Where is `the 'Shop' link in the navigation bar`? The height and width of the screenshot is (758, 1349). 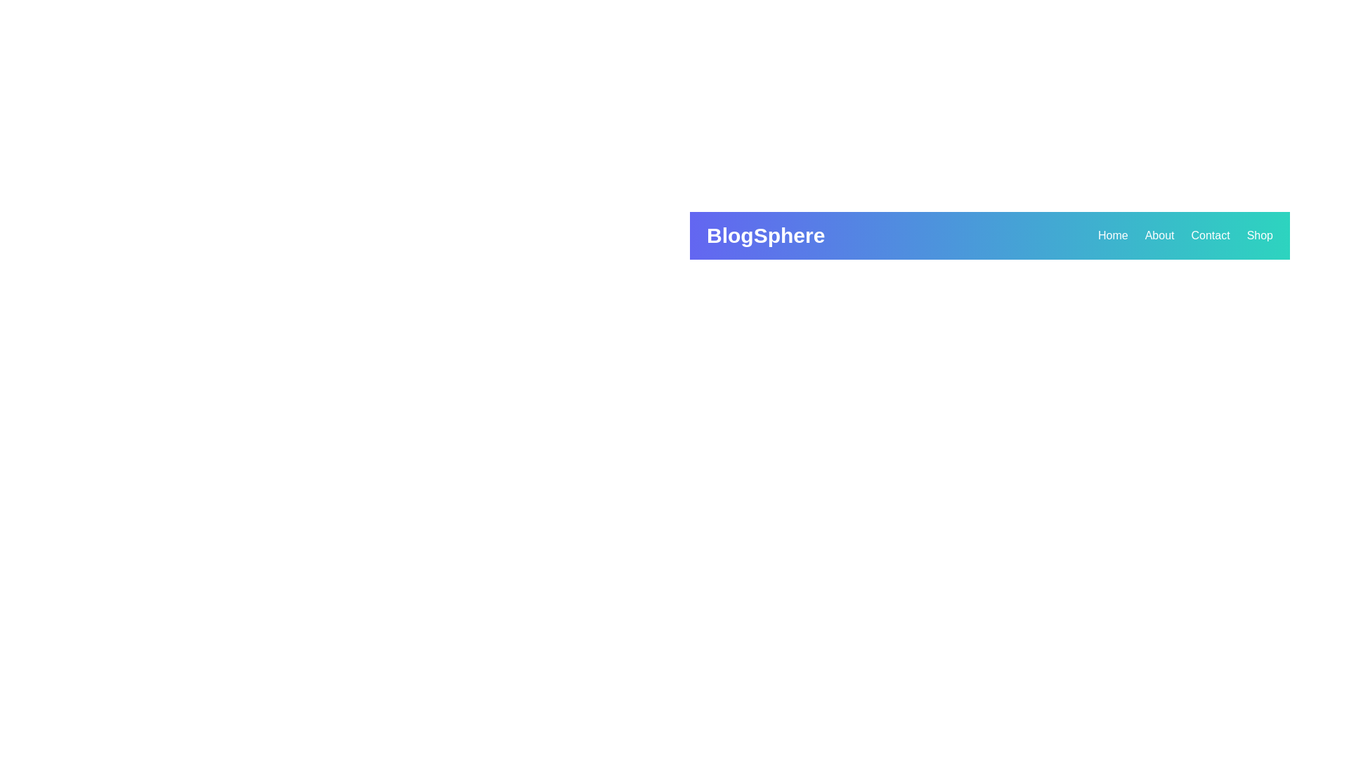
the 'Shop' link in the navigation bar is located at coordinates (1260, 234).